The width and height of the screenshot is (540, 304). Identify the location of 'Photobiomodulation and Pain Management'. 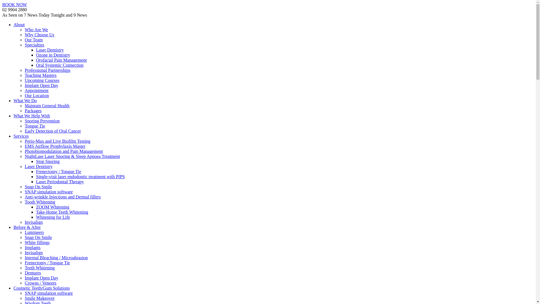
(64, 151).